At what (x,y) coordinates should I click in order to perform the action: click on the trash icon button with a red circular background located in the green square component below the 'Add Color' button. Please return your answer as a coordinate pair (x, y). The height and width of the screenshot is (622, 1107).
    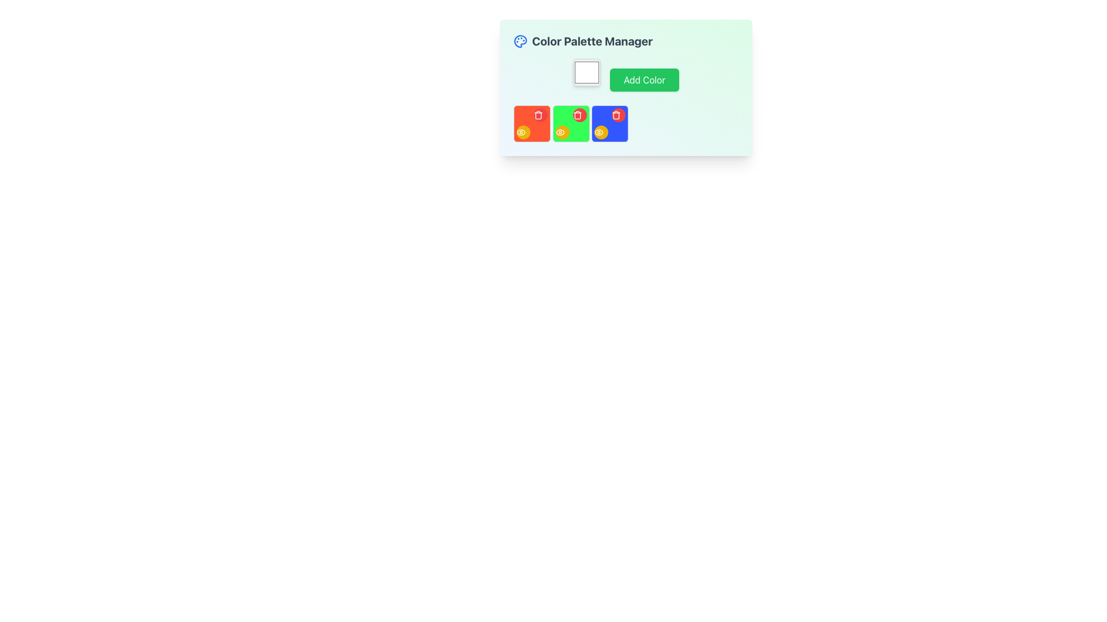
    Looking at the image, I should click on (577, 115).